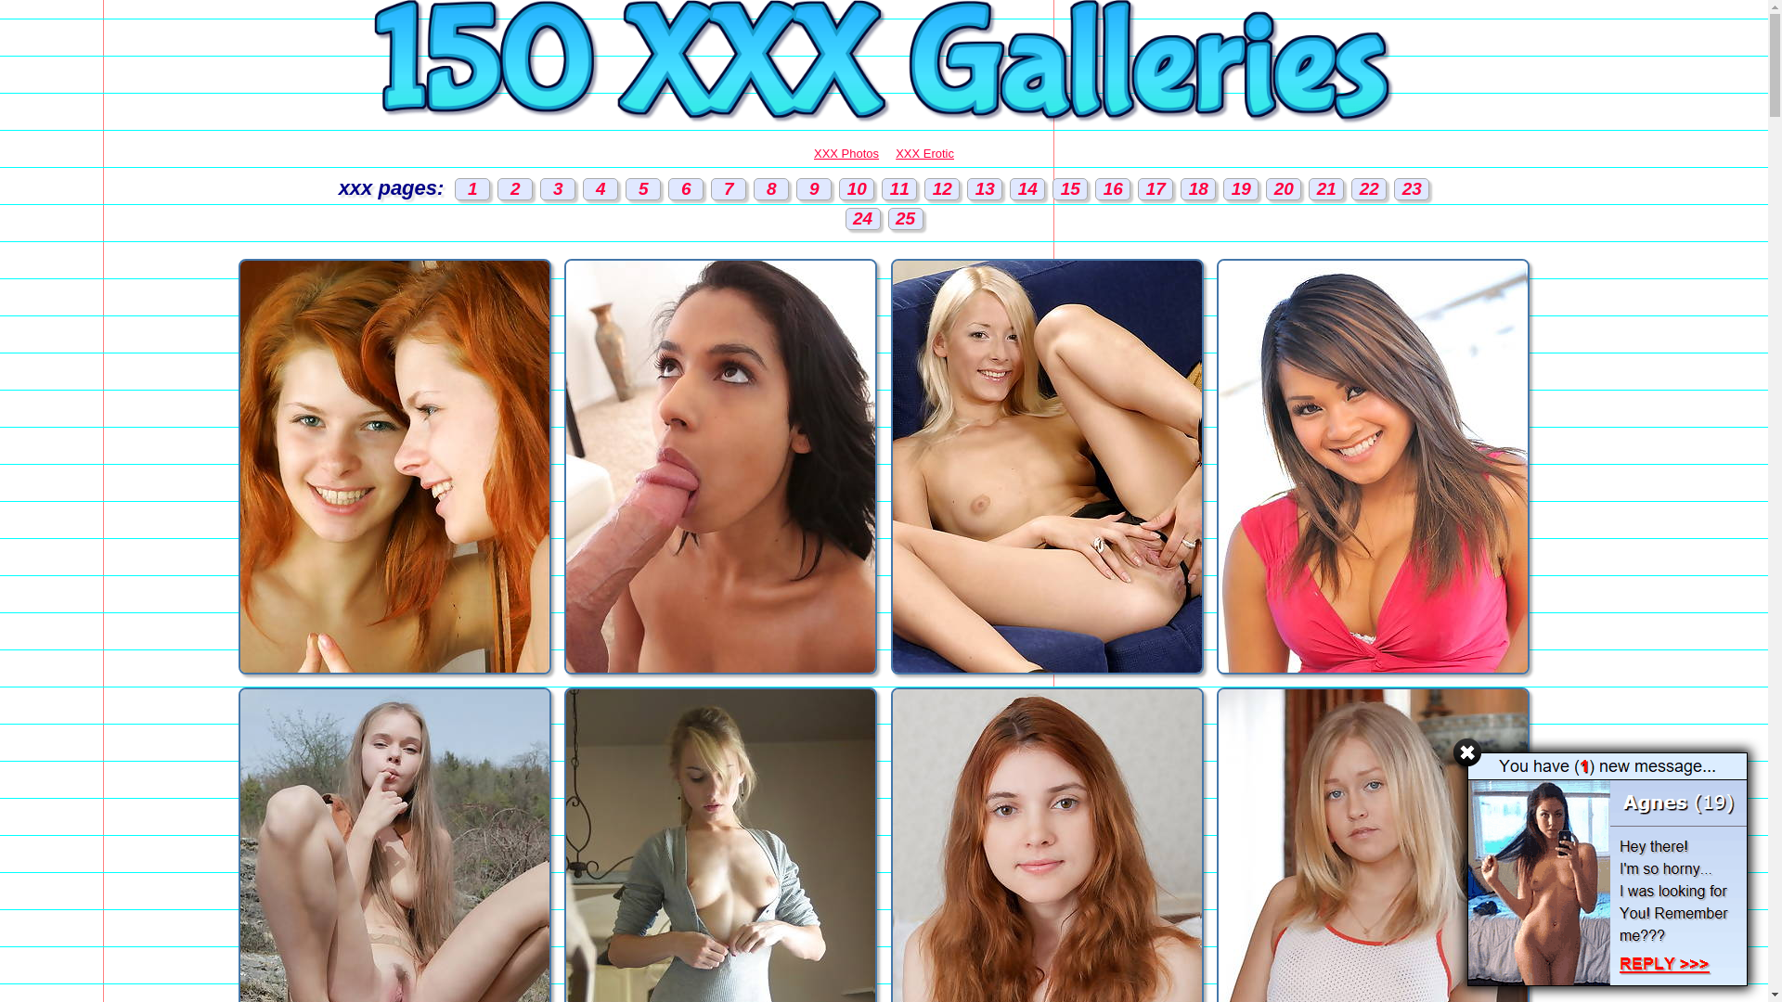 Image resolution: width=1782 pixels, height=1002 pixels. What do you see at coordinates (728, 189) in the screenshot?
I see `'7'` at bounding box center [728, 189].